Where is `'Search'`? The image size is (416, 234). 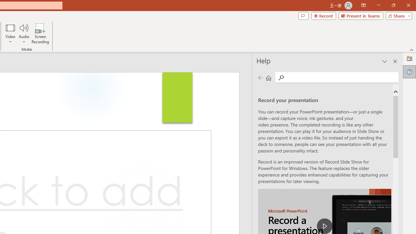 'Search' is located at coordinates (341, 77).